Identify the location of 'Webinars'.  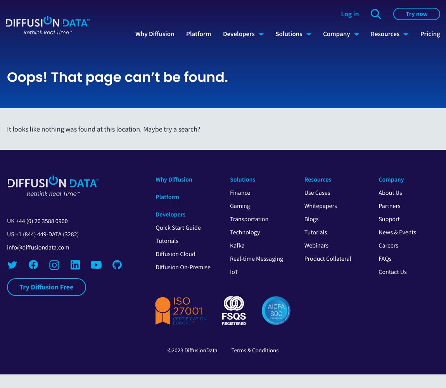
(316, 246).